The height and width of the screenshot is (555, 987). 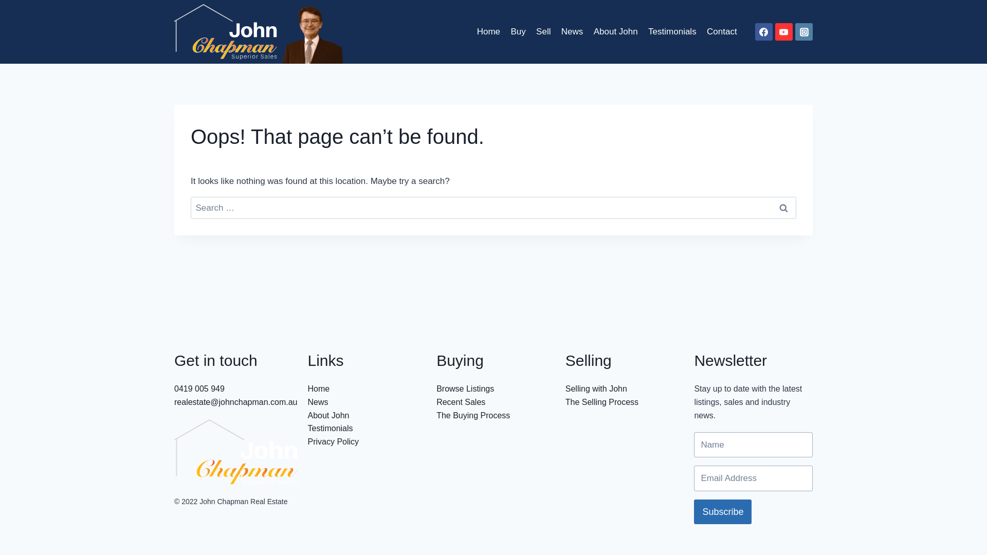 What do you see at coordinates (460, 401) in the screenshot?
I see `'Recent Sales'` at bounding box center [460, 401].